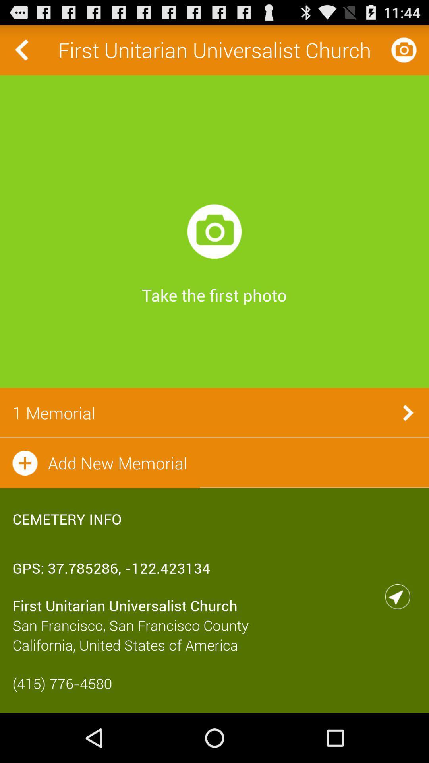 Image resolution: width=429 pixels, height=763 pixels. I want to click on icon above the take the first, so click(214, 231).